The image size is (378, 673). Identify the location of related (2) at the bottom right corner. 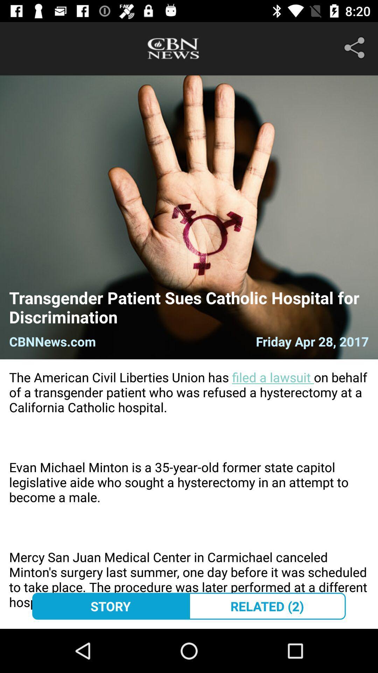
(267, 606).